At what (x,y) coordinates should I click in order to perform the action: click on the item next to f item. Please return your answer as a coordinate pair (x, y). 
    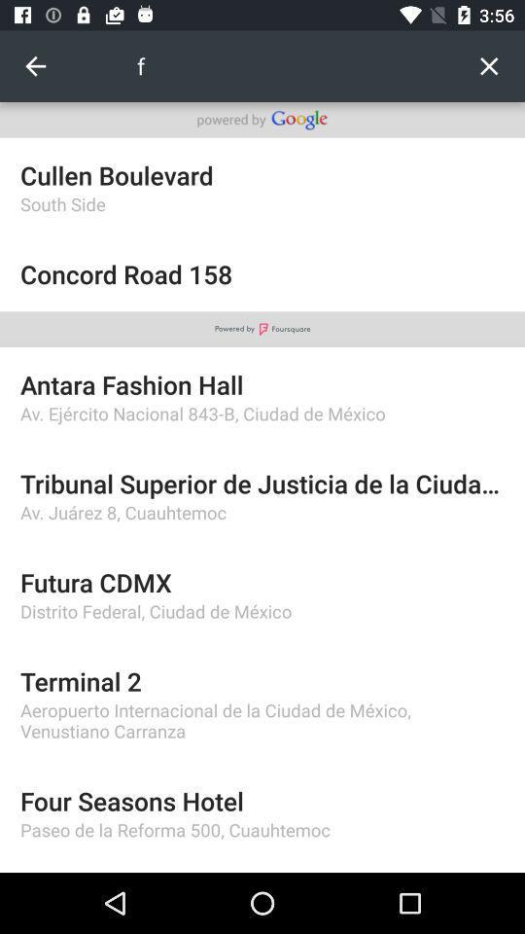
    Looking at the image, I should click on (488, 66).